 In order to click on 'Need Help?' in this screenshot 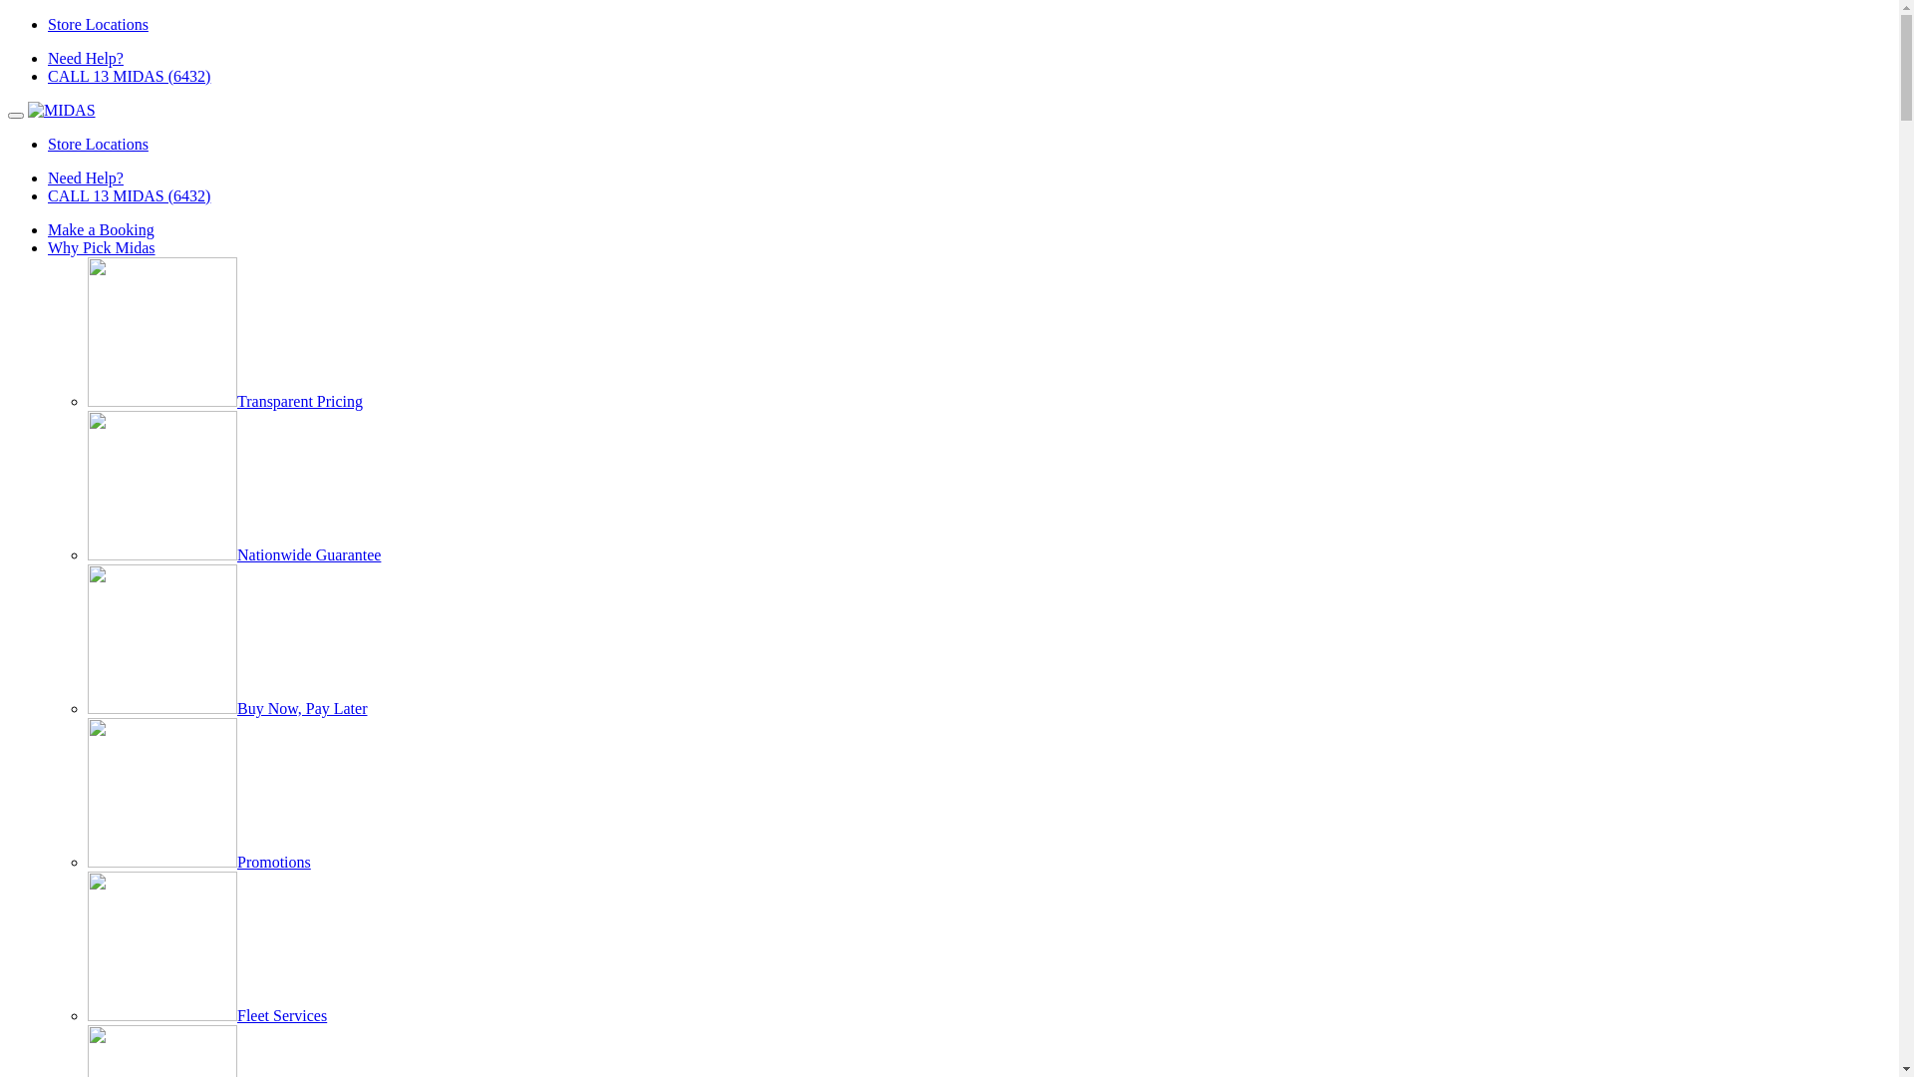, I will do `click(85, 177)`.